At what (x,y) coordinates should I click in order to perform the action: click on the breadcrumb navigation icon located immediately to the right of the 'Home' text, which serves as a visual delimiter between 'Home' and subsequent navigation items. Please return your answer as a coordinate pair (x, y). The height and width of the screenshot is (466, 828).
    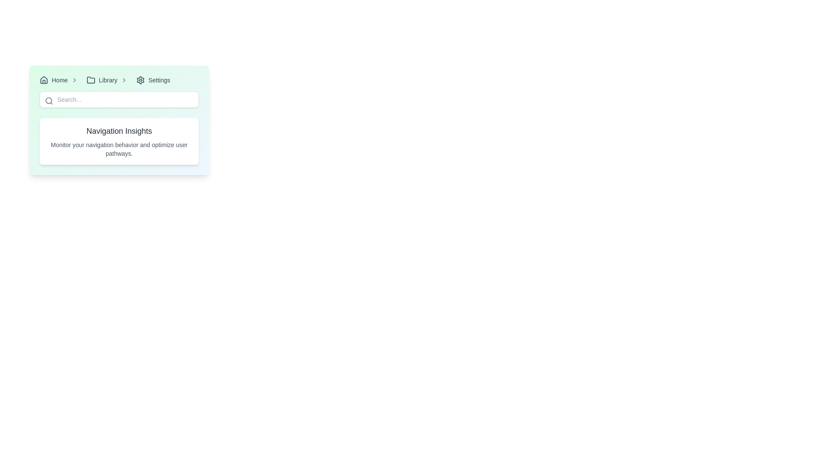
    Looking at the image, I should click on (75, 80).